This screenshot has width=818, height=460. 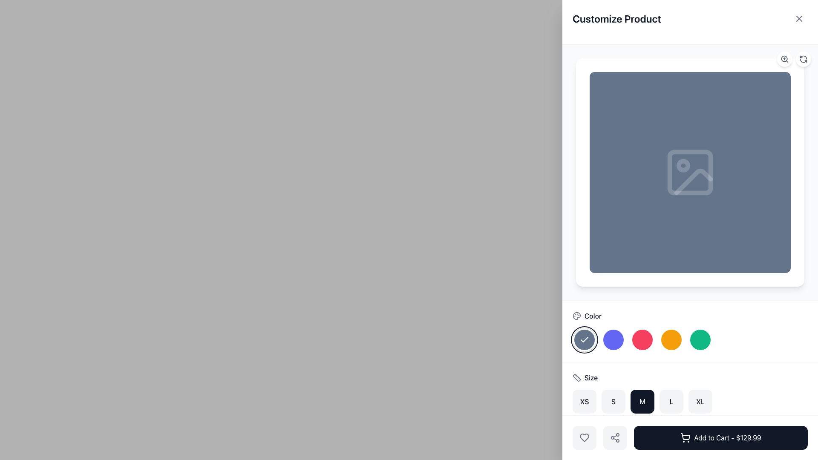 What do you see at coordinates (671, 339) in the screenshot?
I see `the fourth circular interactive button with an amber background in the 'Color' section` at bounding box center [671, 339].